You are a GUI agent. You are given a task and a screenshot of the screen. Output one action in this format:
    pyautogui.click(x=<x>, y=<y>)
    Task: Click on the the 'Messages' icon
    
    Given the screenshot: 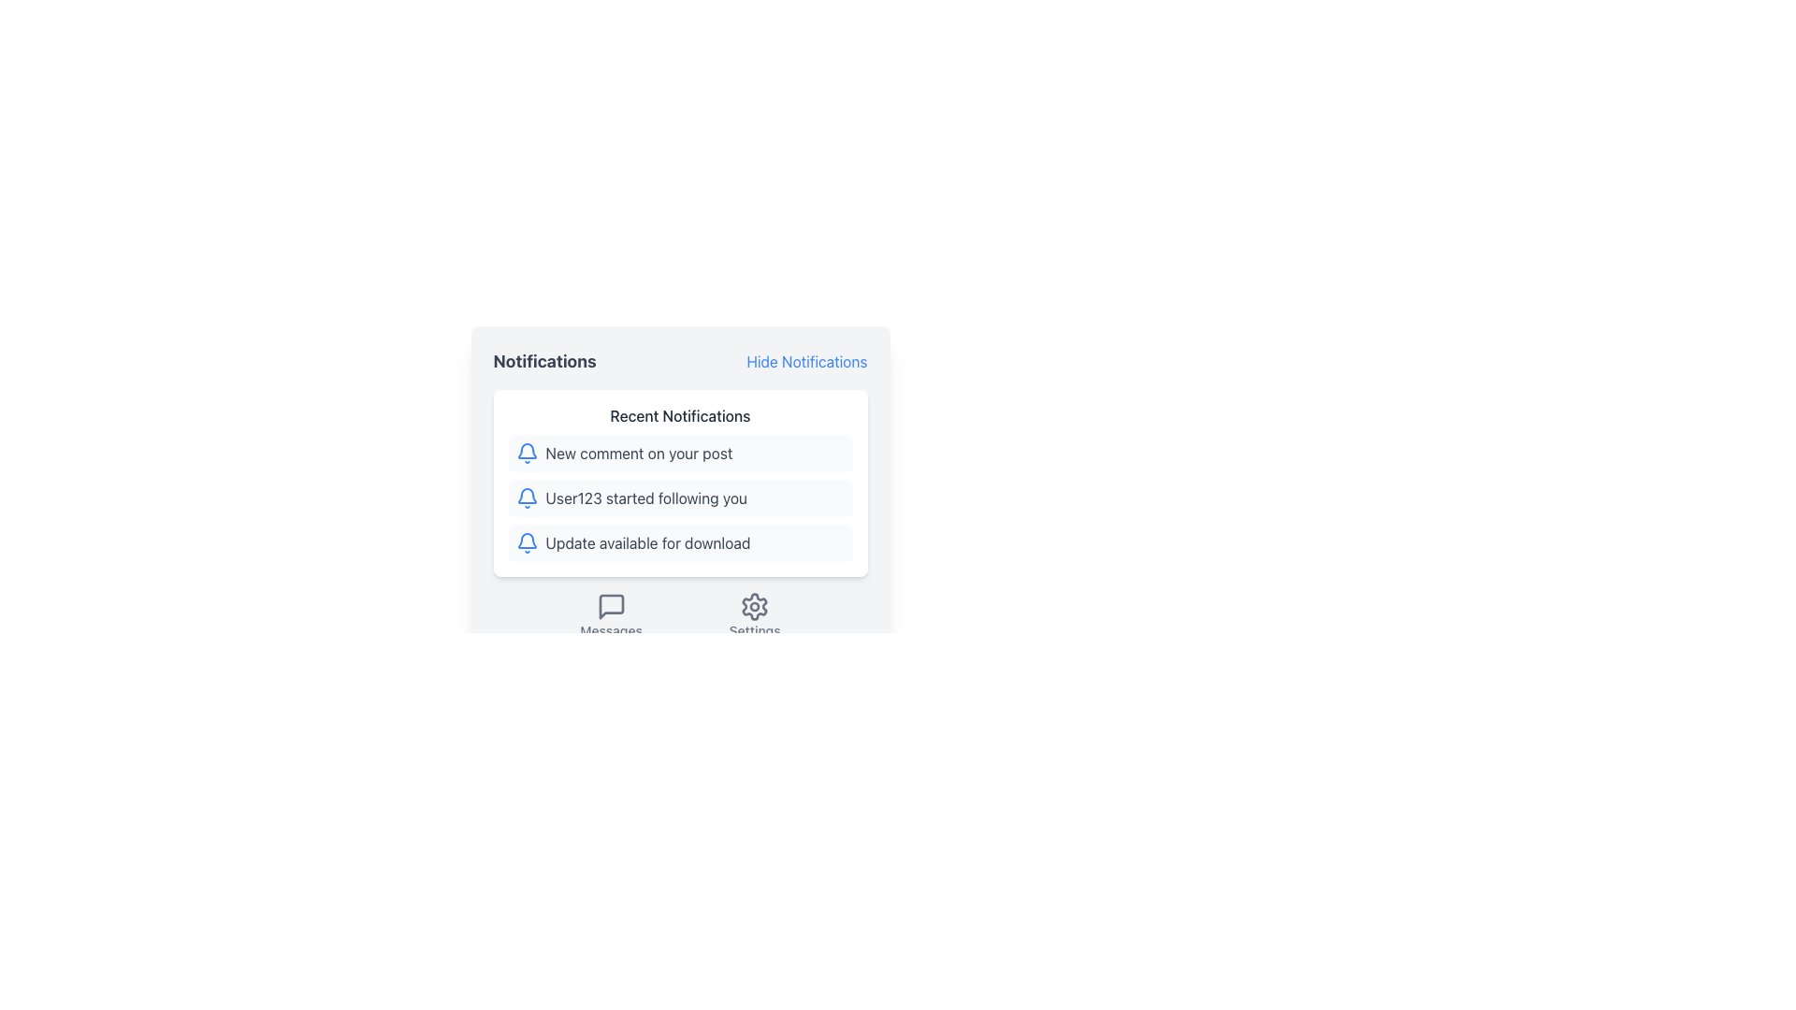 What is the action you would take?
    pyautogui.click(x=611, y=606)
    